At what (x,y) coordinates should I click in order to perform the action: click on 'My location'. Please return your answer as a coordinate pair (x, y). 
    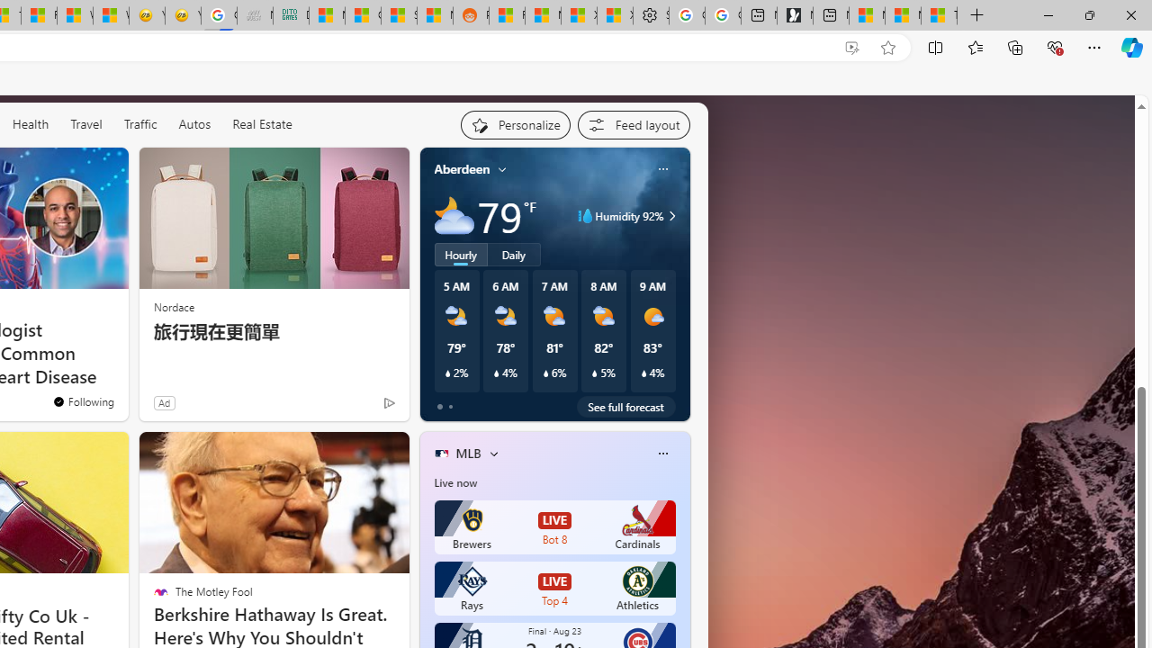
    Looking at the image, I should click on (502, 168).